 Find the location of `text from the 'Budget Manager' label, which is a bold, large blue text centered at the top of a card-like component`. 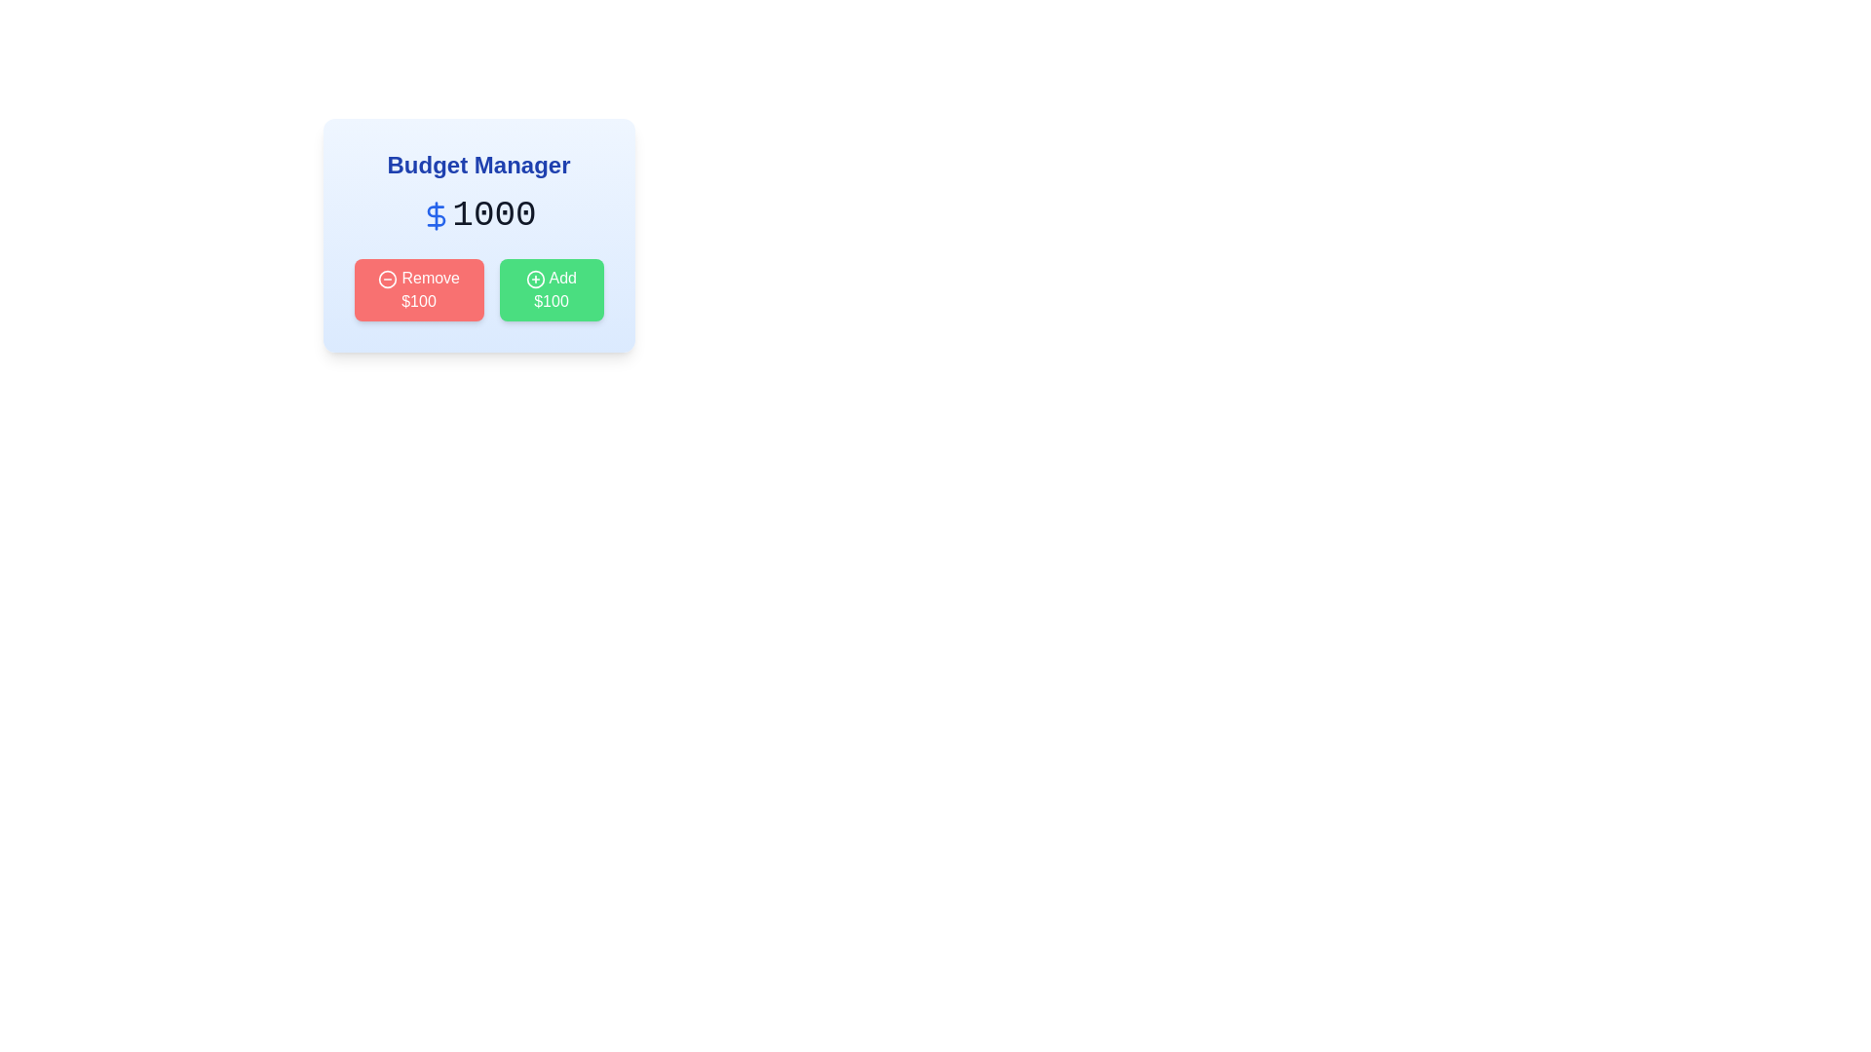

text from the 'Budget Manager' label, which is a bold, large blue text centered at the top of a card-like component is located at coordinates (478, 164).